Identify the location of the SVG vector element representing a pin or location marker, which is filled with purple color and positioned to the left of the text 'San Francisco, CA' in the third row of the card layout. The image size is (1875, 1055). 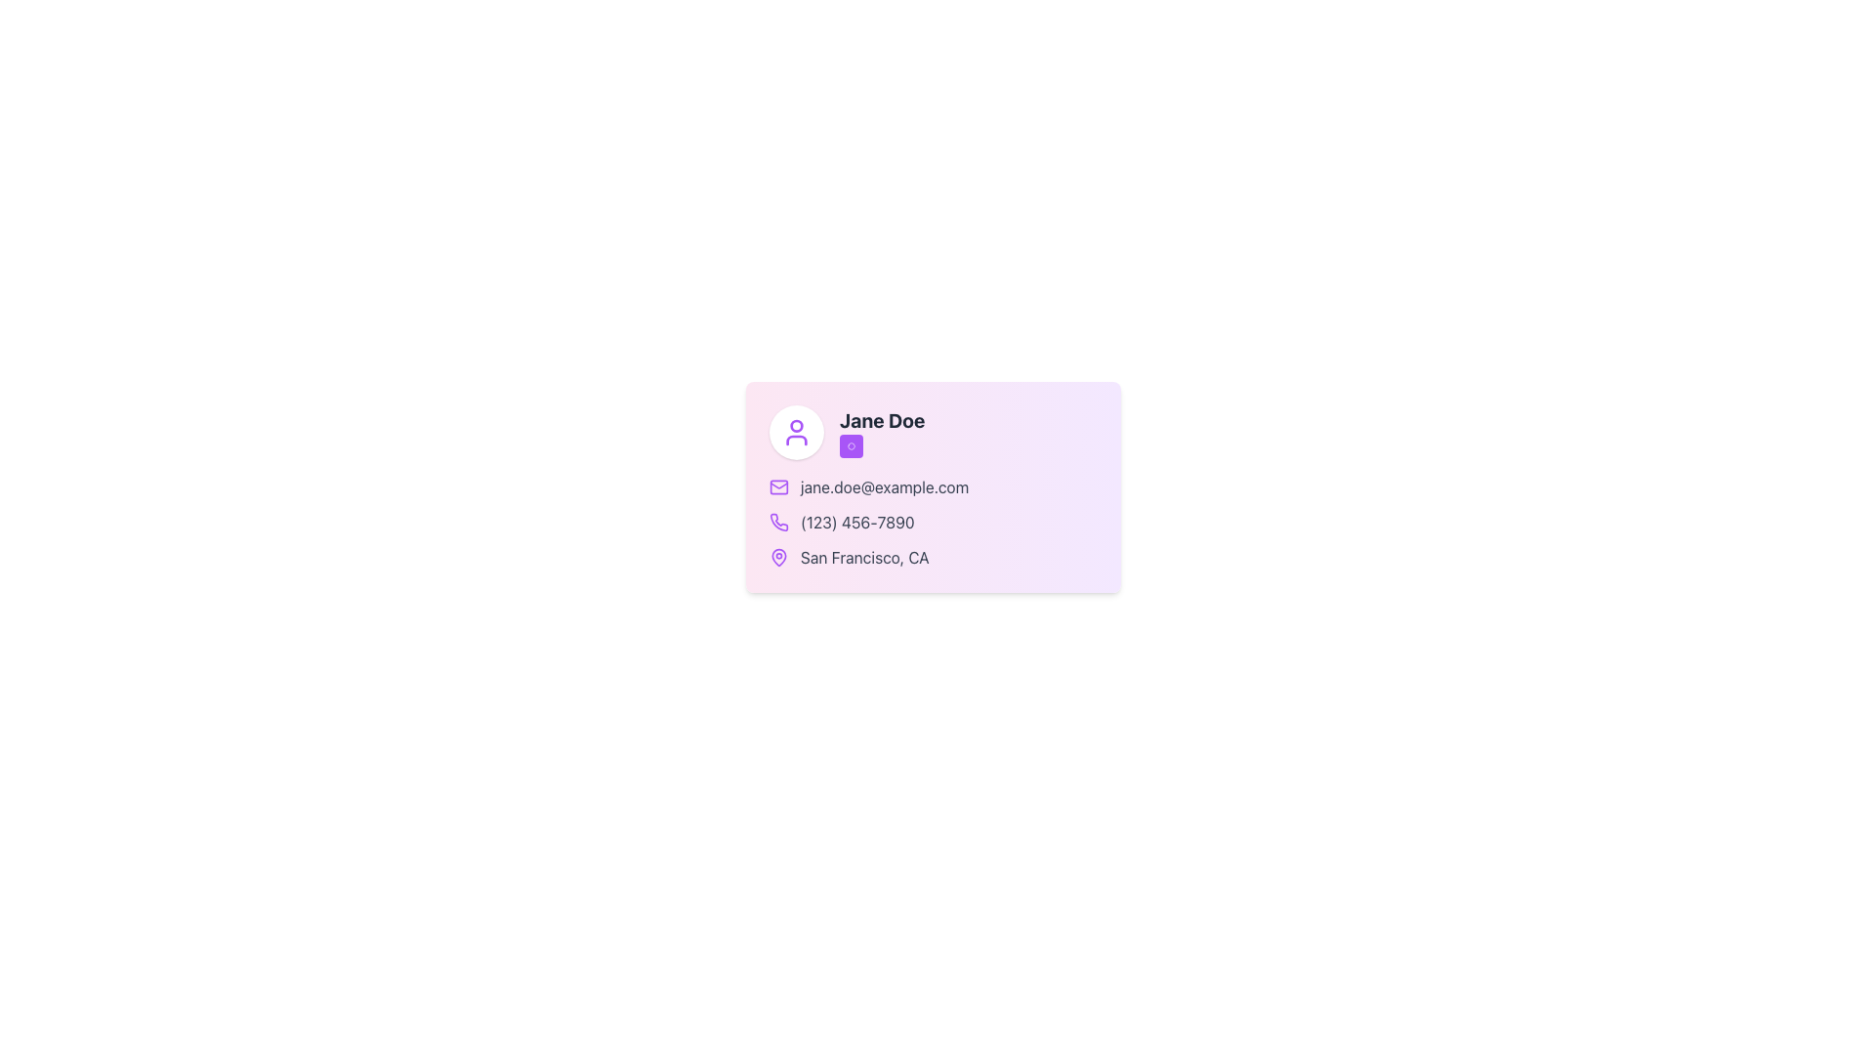
(777, 557).